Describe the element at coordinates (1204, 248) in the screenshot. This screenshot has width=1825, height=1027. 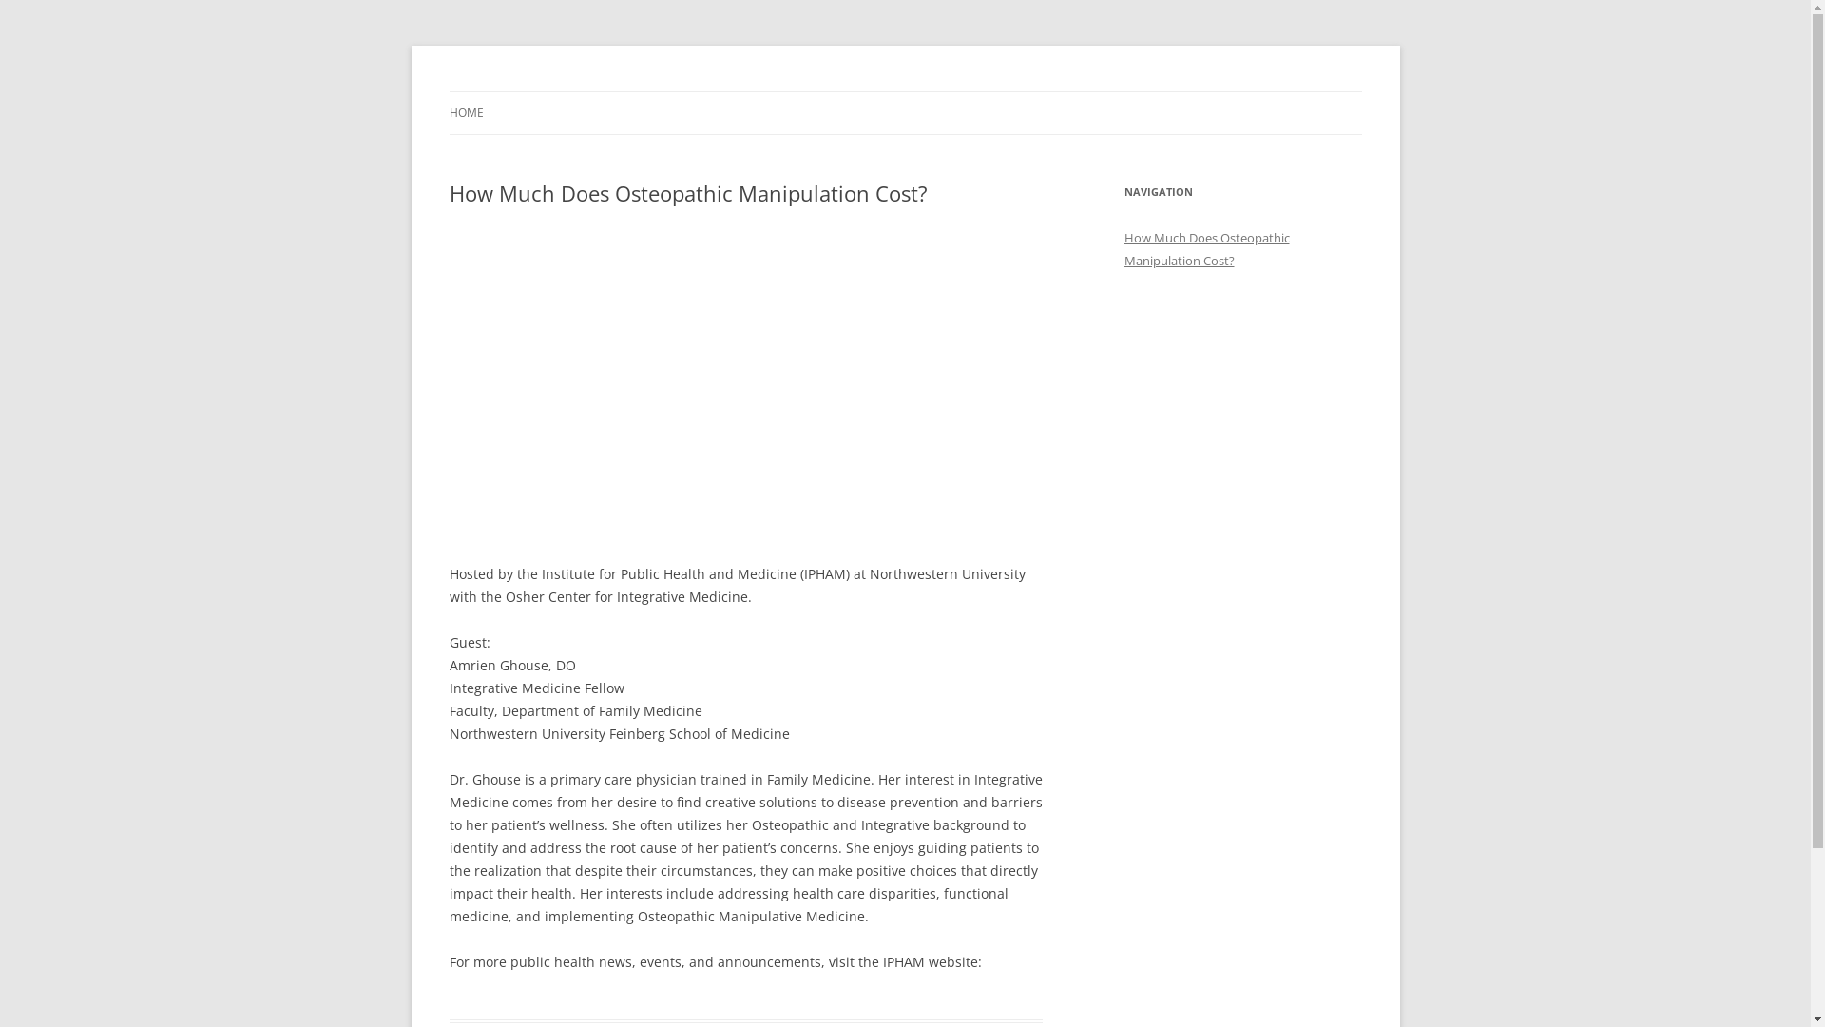
I see `'How Much Does Osteopathic Manipulation Cost?'` at that location.